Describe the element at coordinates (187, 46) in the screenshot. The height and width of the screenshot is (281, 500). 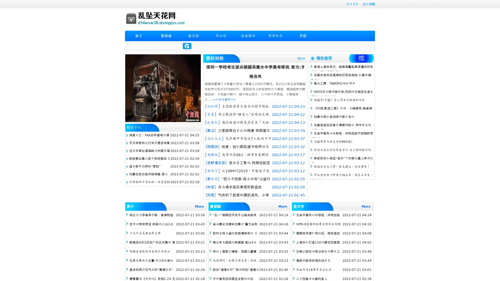
I see `Search` at that location.